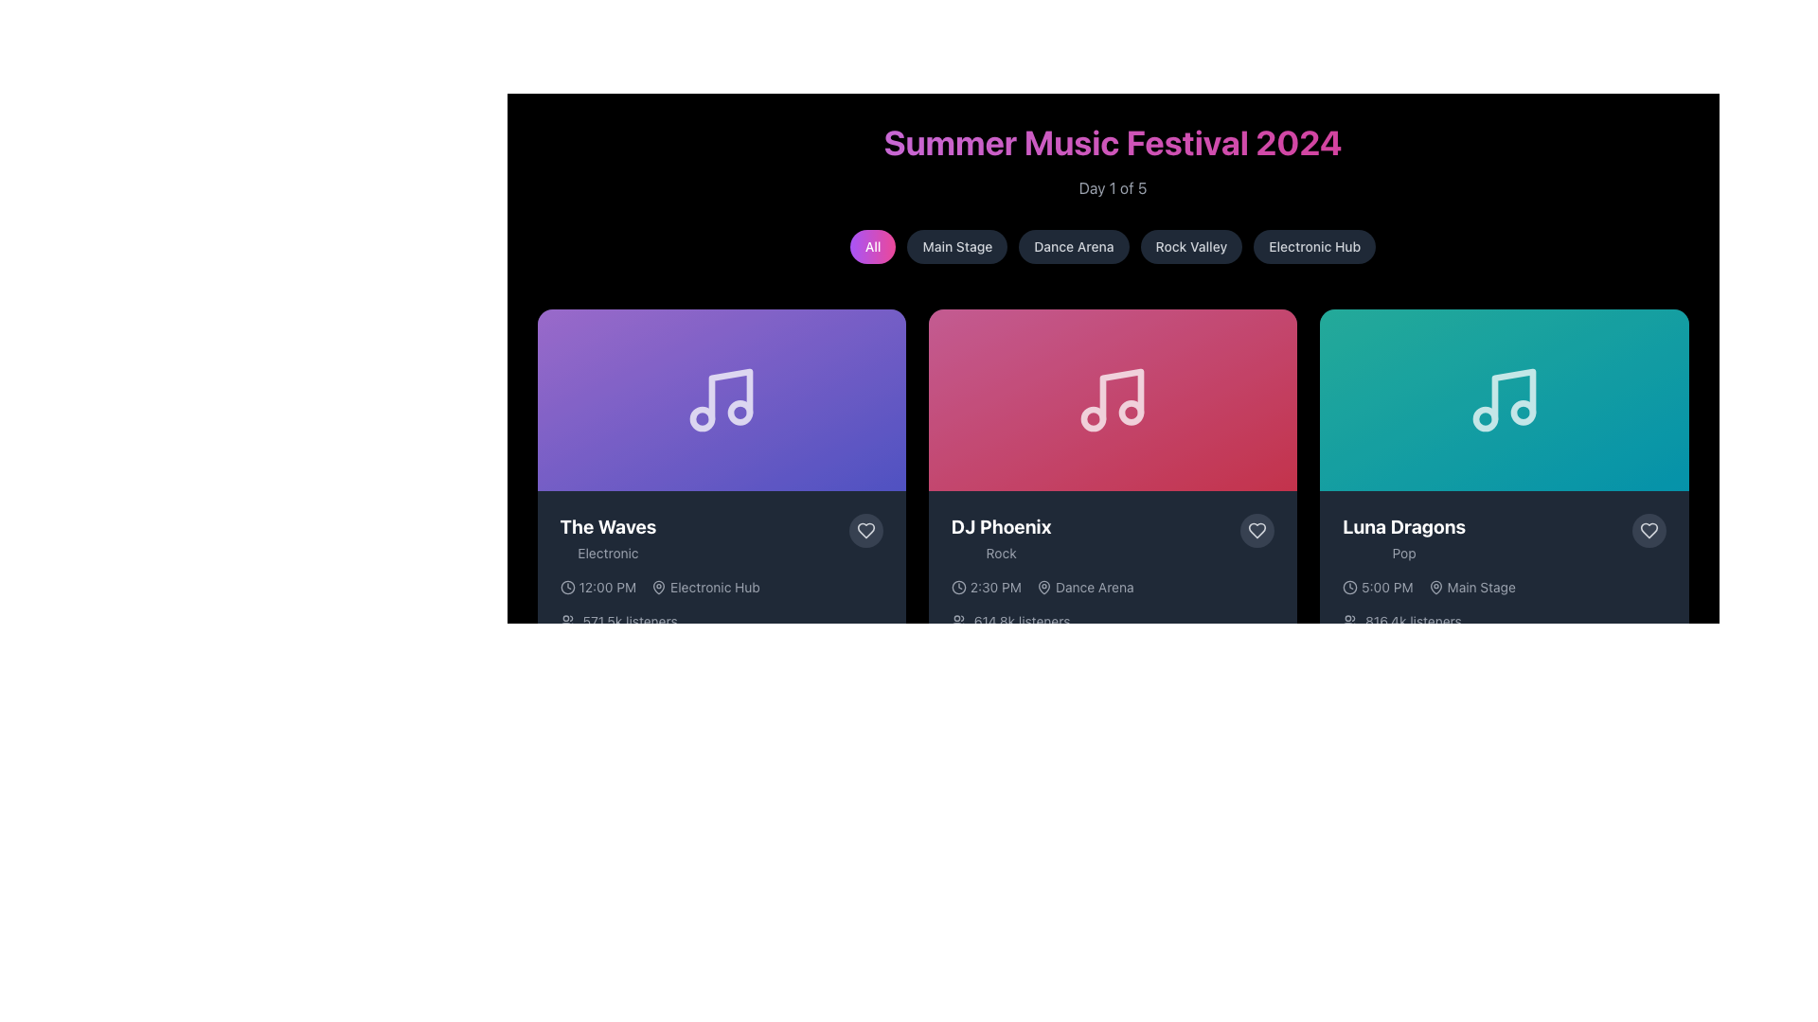 This screenshot has width=1818, height=1022. Describe the element at coordinates (1503, 602) in the screenshot. I see `text displayed on the informational card component located in the rightmost card of event entries, which shows event information including artist, genre, performance time, stage location, and audience count` at that location.